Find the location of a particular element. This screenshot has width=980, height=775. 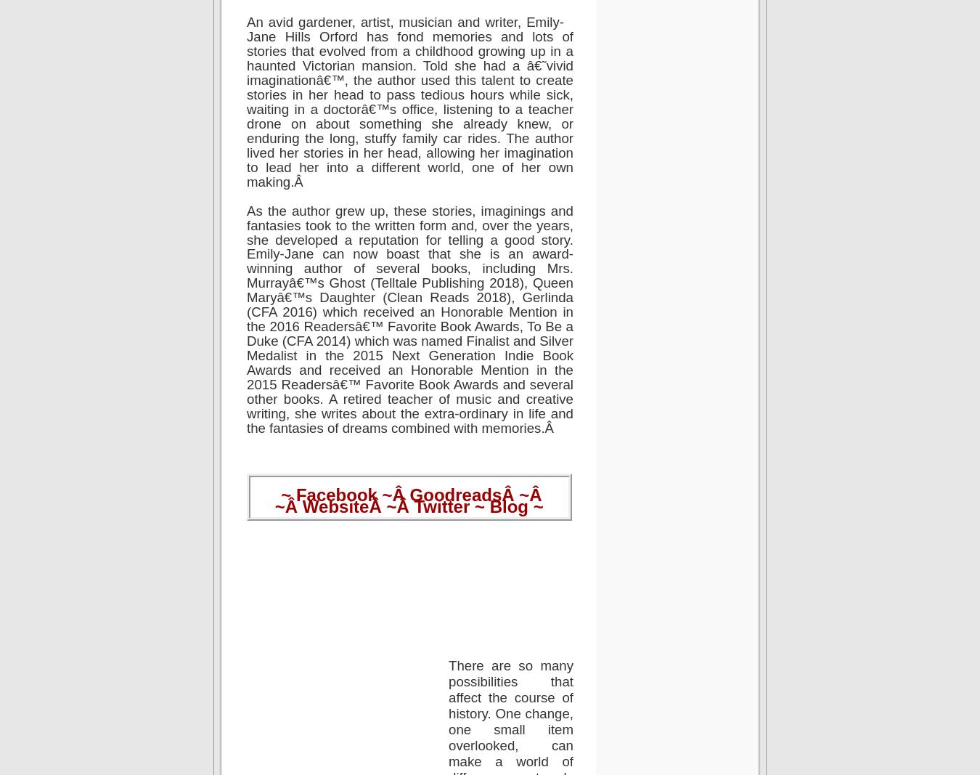

'Twitter' is located at coordinates (413, 506).